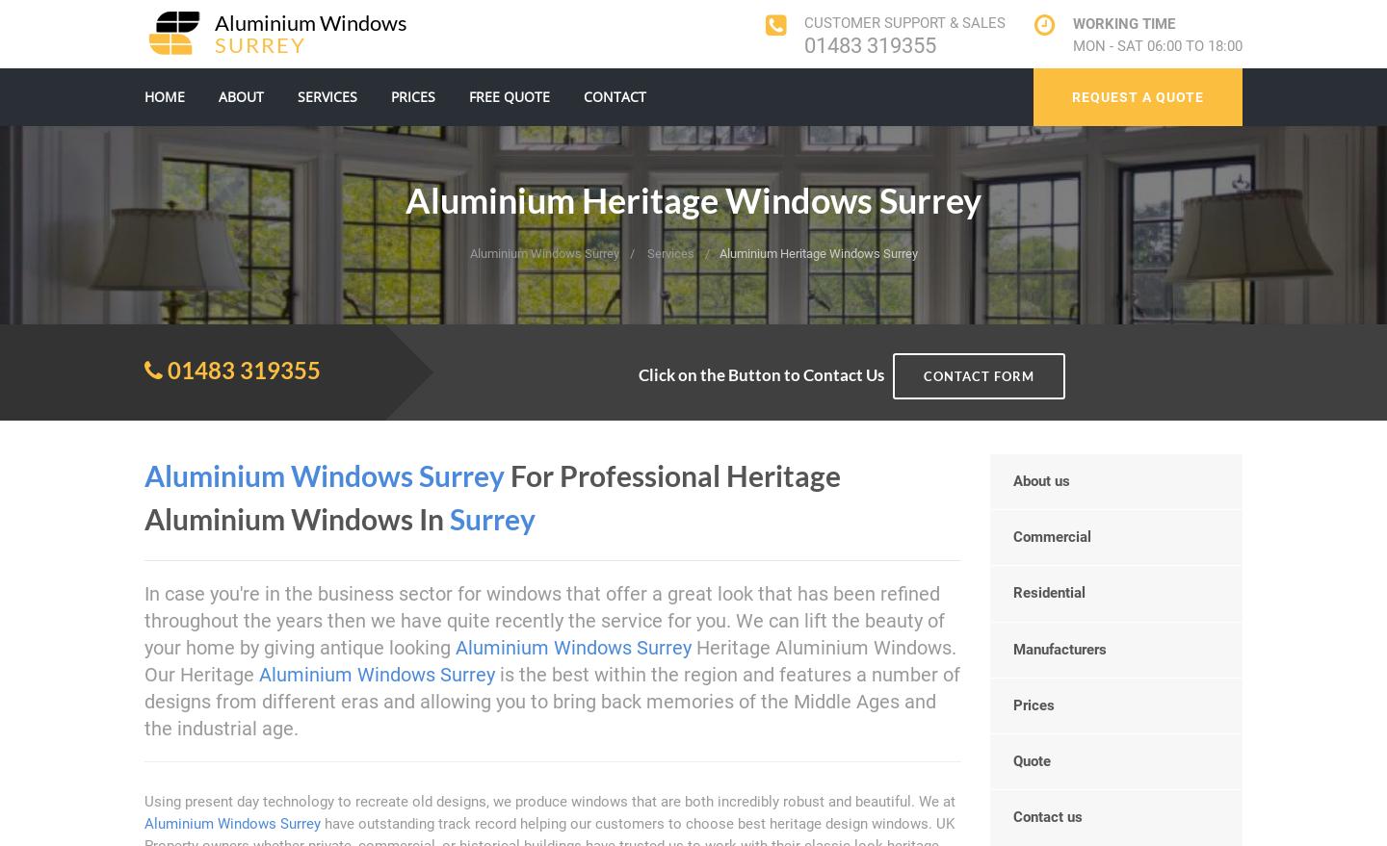 The width and height of the screenshot is (1387, 846). Describe the element at coordinates (544, 619) in the screenshot. I see `'In case you're in the business sector for windows that offer a great look that has been refined throughout the years then we have quite recently the service for you. We can lift the beauty of your home by giving antique looking'` at that location.